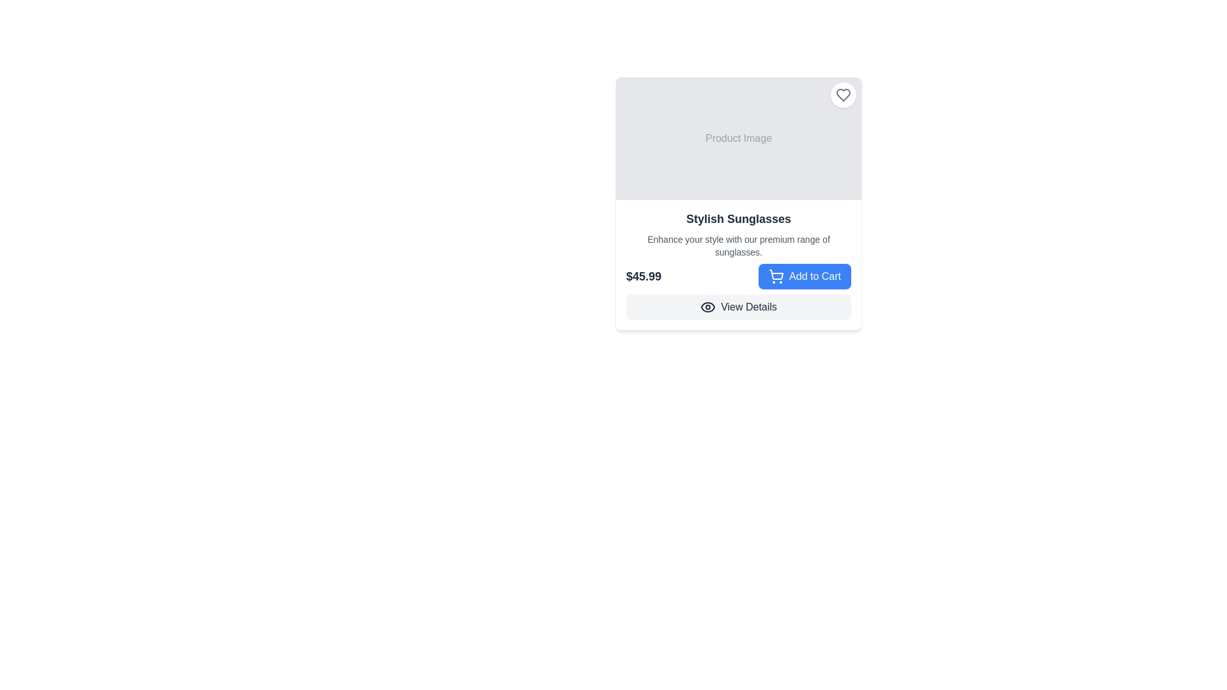 The image size is (1227, 690). I want to click on the 'Add to Cart' button for 'Stylish Sunglasses', so click(804, 275).